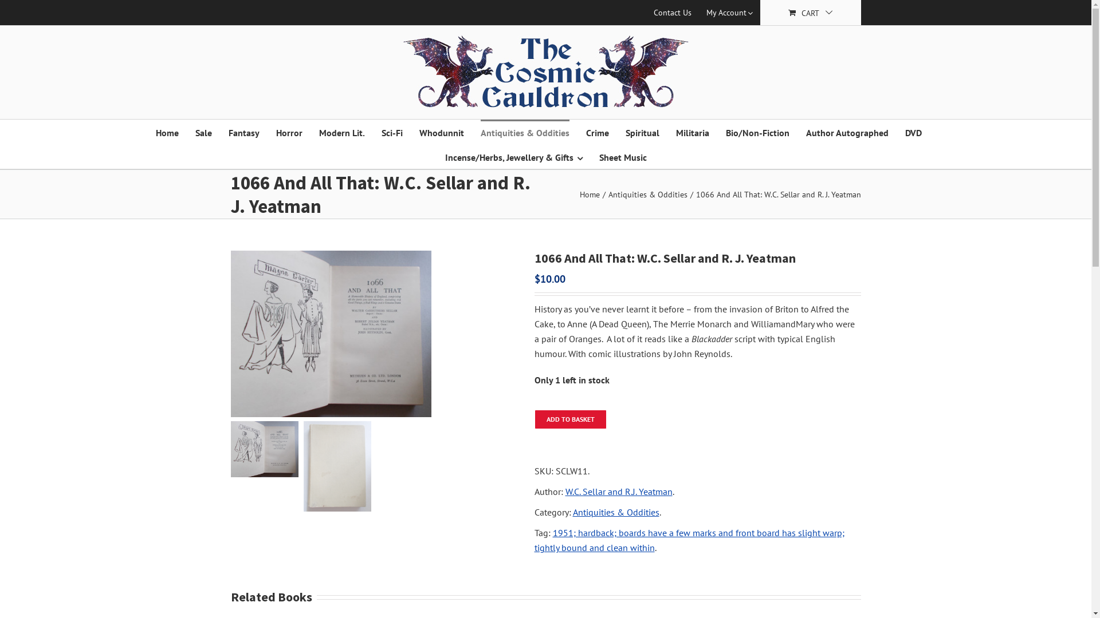 The width and height of the screenshot is (1100, 618). What do you see at coordinates (569, 419) in the screenshot?
I see `'ADD TO BASKET'` at bounding box center [569, 419].